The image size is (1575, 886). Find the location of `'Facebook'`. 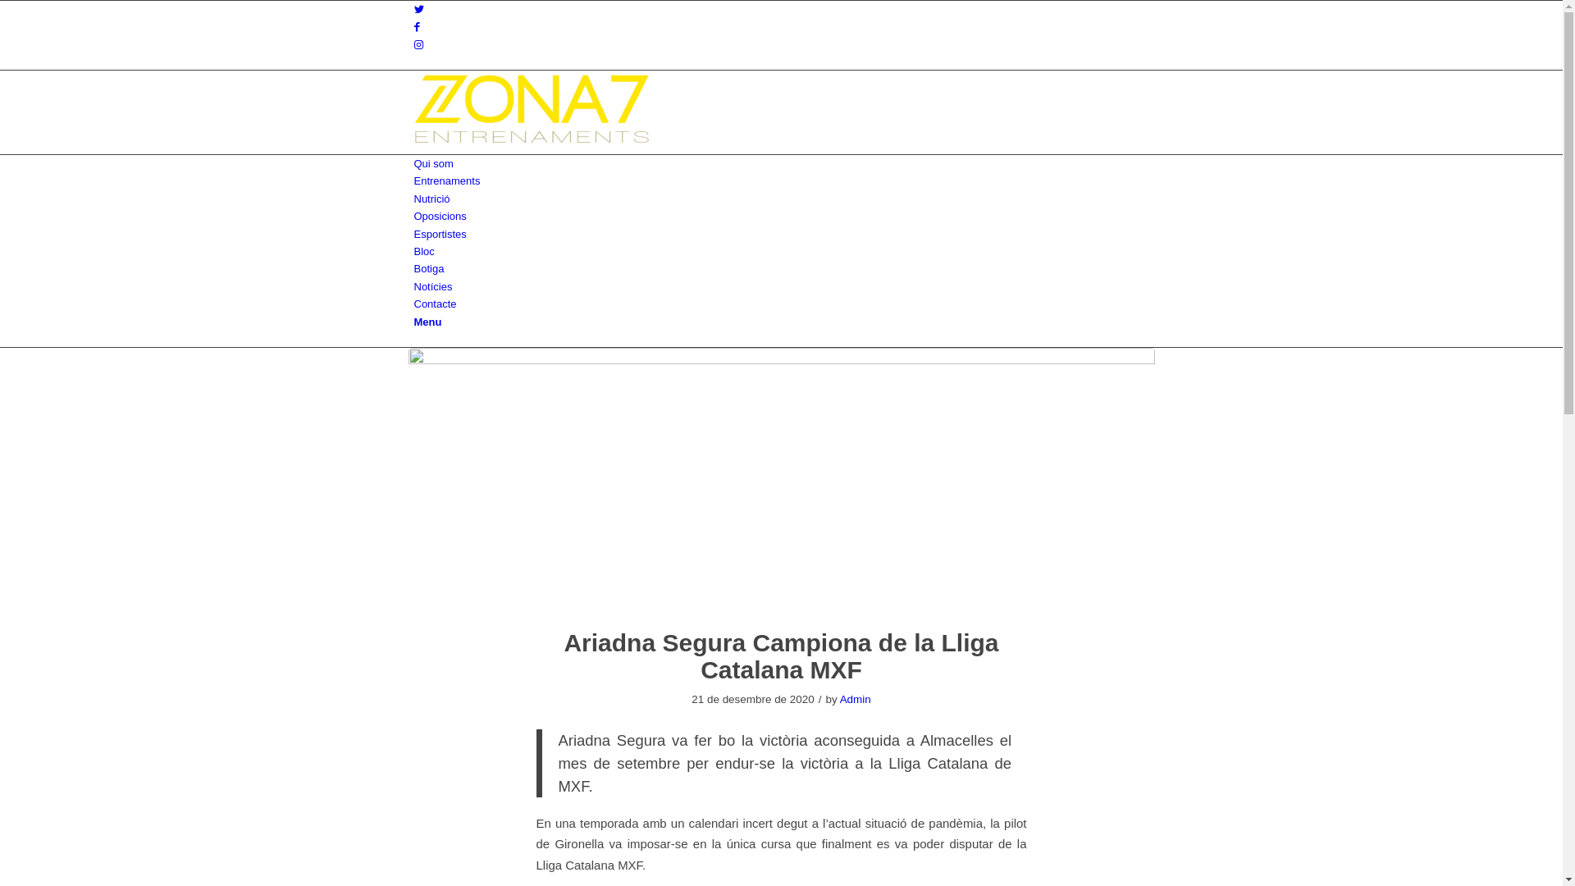

'Facebook' is located at coordinates (416, 26).